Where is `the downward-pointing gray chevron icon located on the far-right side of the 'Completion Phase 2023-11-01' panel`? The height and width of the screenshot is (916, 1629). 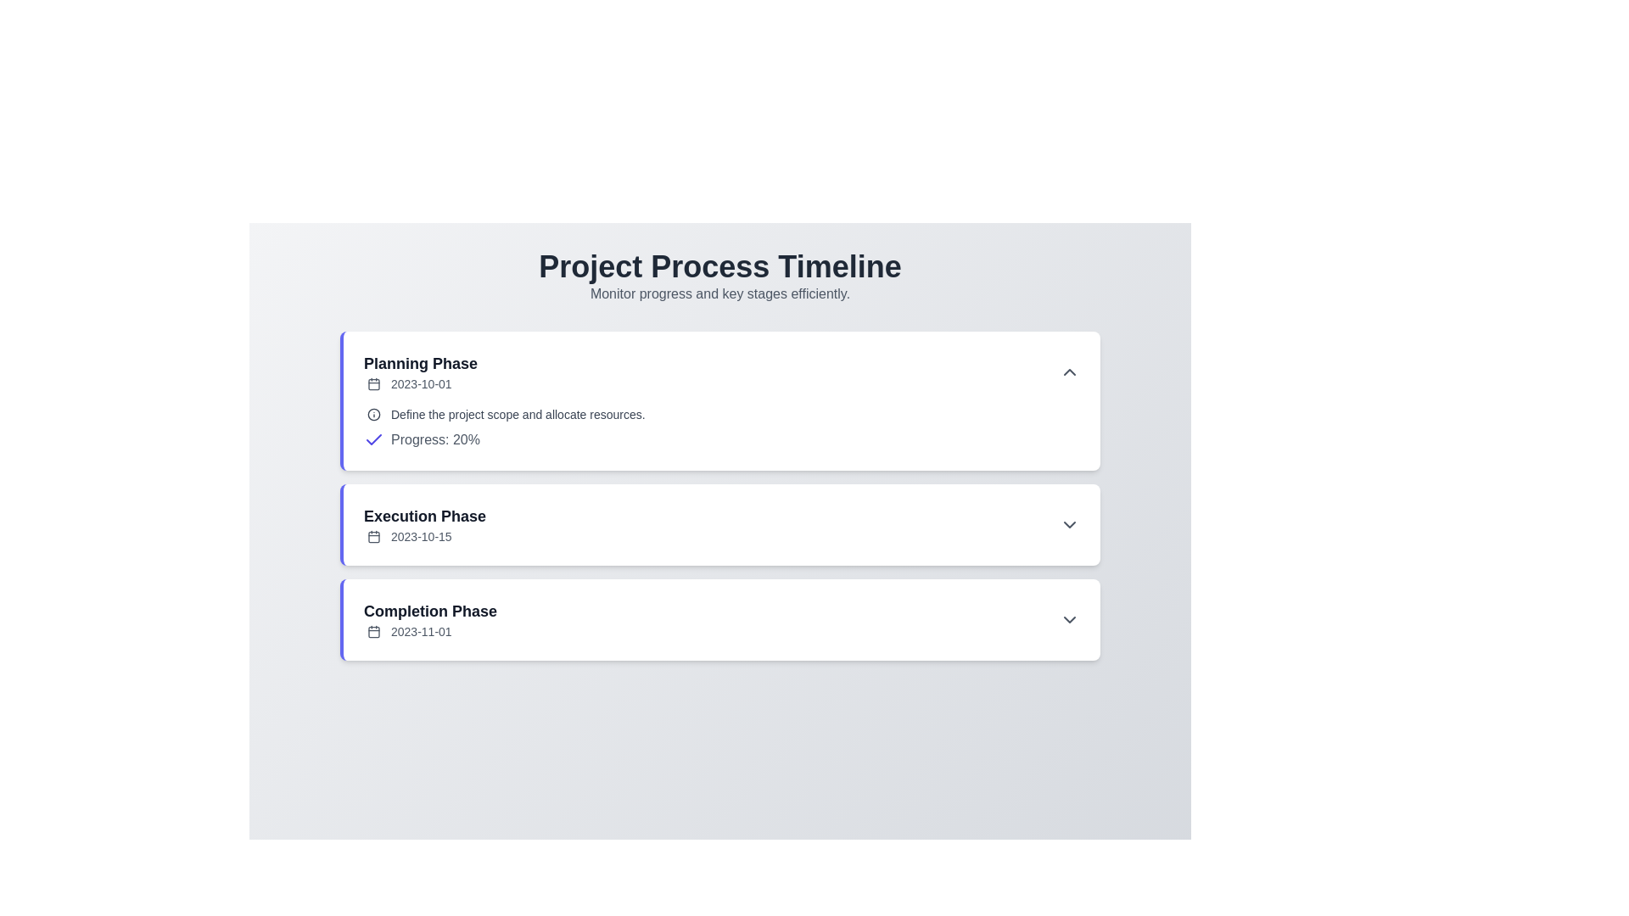 the downward-pointing gray chevron icon located on the far-right side of the 'Completion Phase 2023-11-01' panel is located at coordinates (1069, 620).